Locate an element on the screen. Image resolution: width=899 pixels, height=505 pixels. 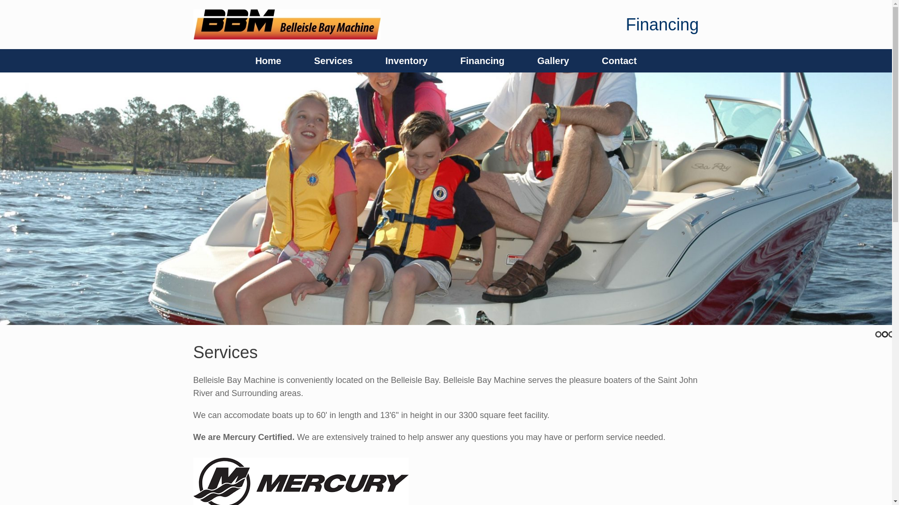
'Contact' is located at coordinates (619, 61).